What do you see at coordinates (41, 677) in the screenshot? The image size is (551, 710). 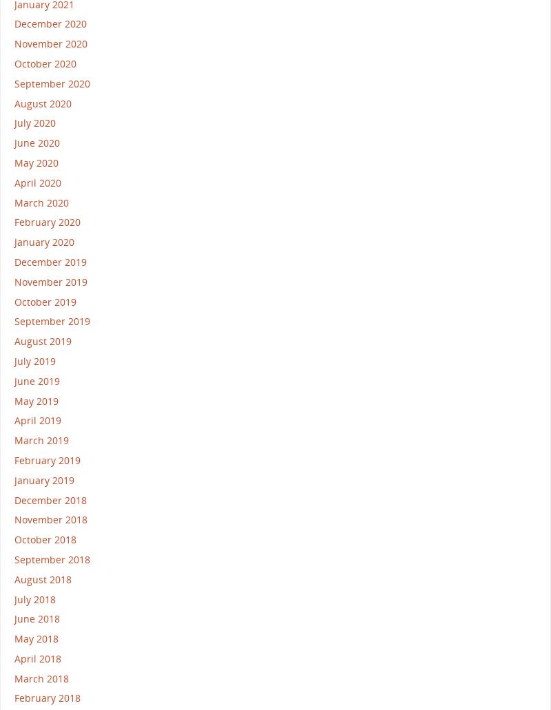 I see `'March 2018'` at bounding box center [41, 677].